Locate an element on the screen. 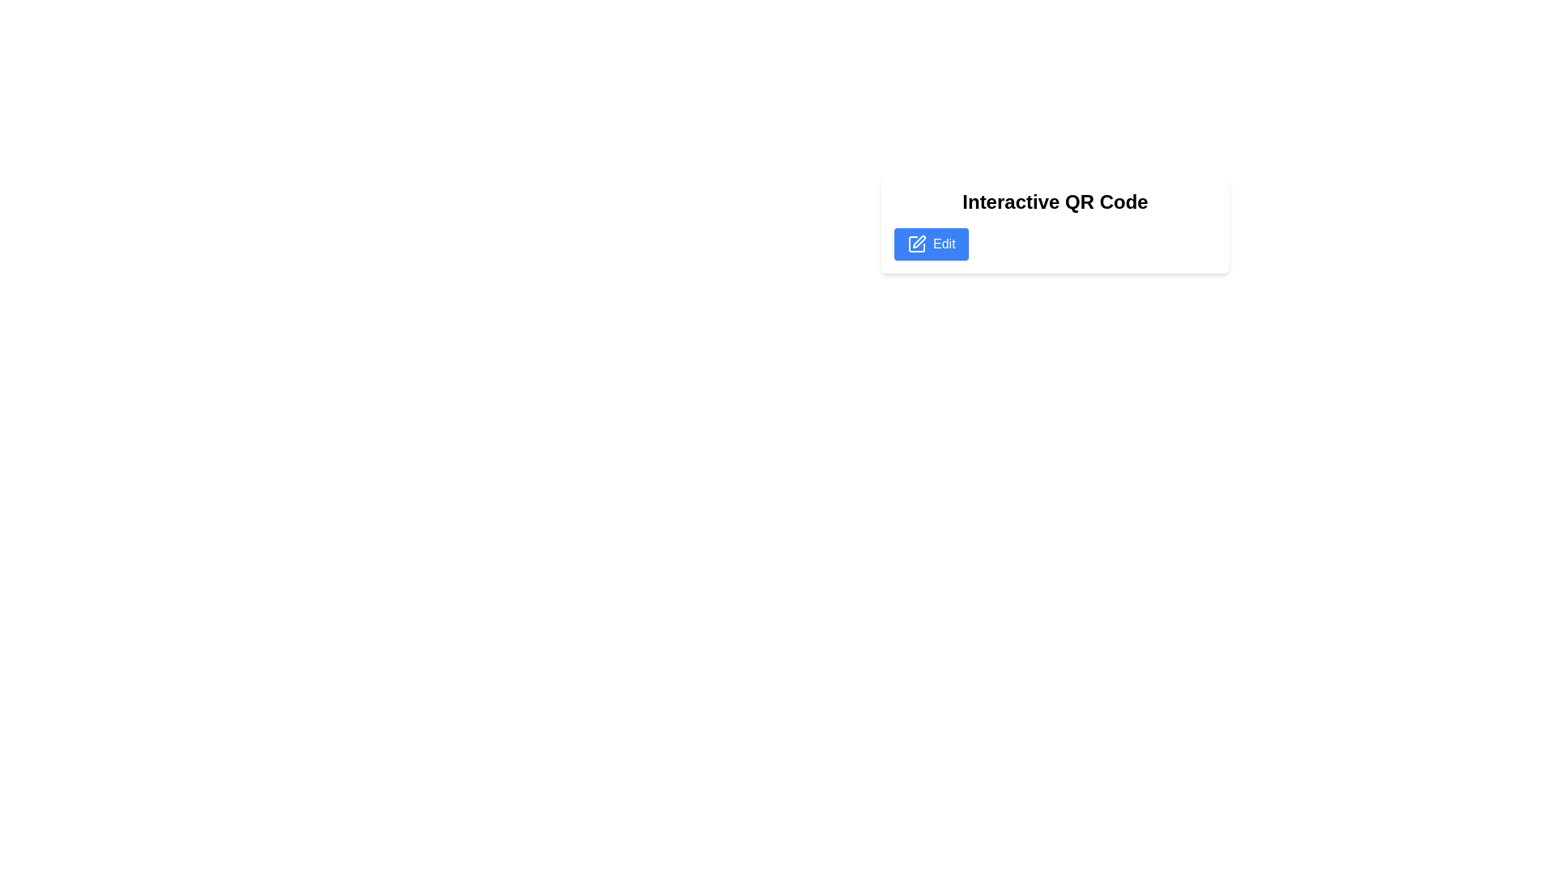 Image resolution: width=1554 pixels, height=874 pixels. static text label that reads 'Interactive QR Code', which is prominently displayed in a bold black font at the top of a white card-like widget is located at coordinates (1055, 202).